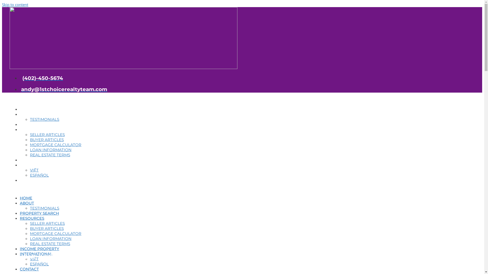  Describe the element at coordinates (41, 78) in the screenshot. I see `'(402)-450-5674'` at that location.